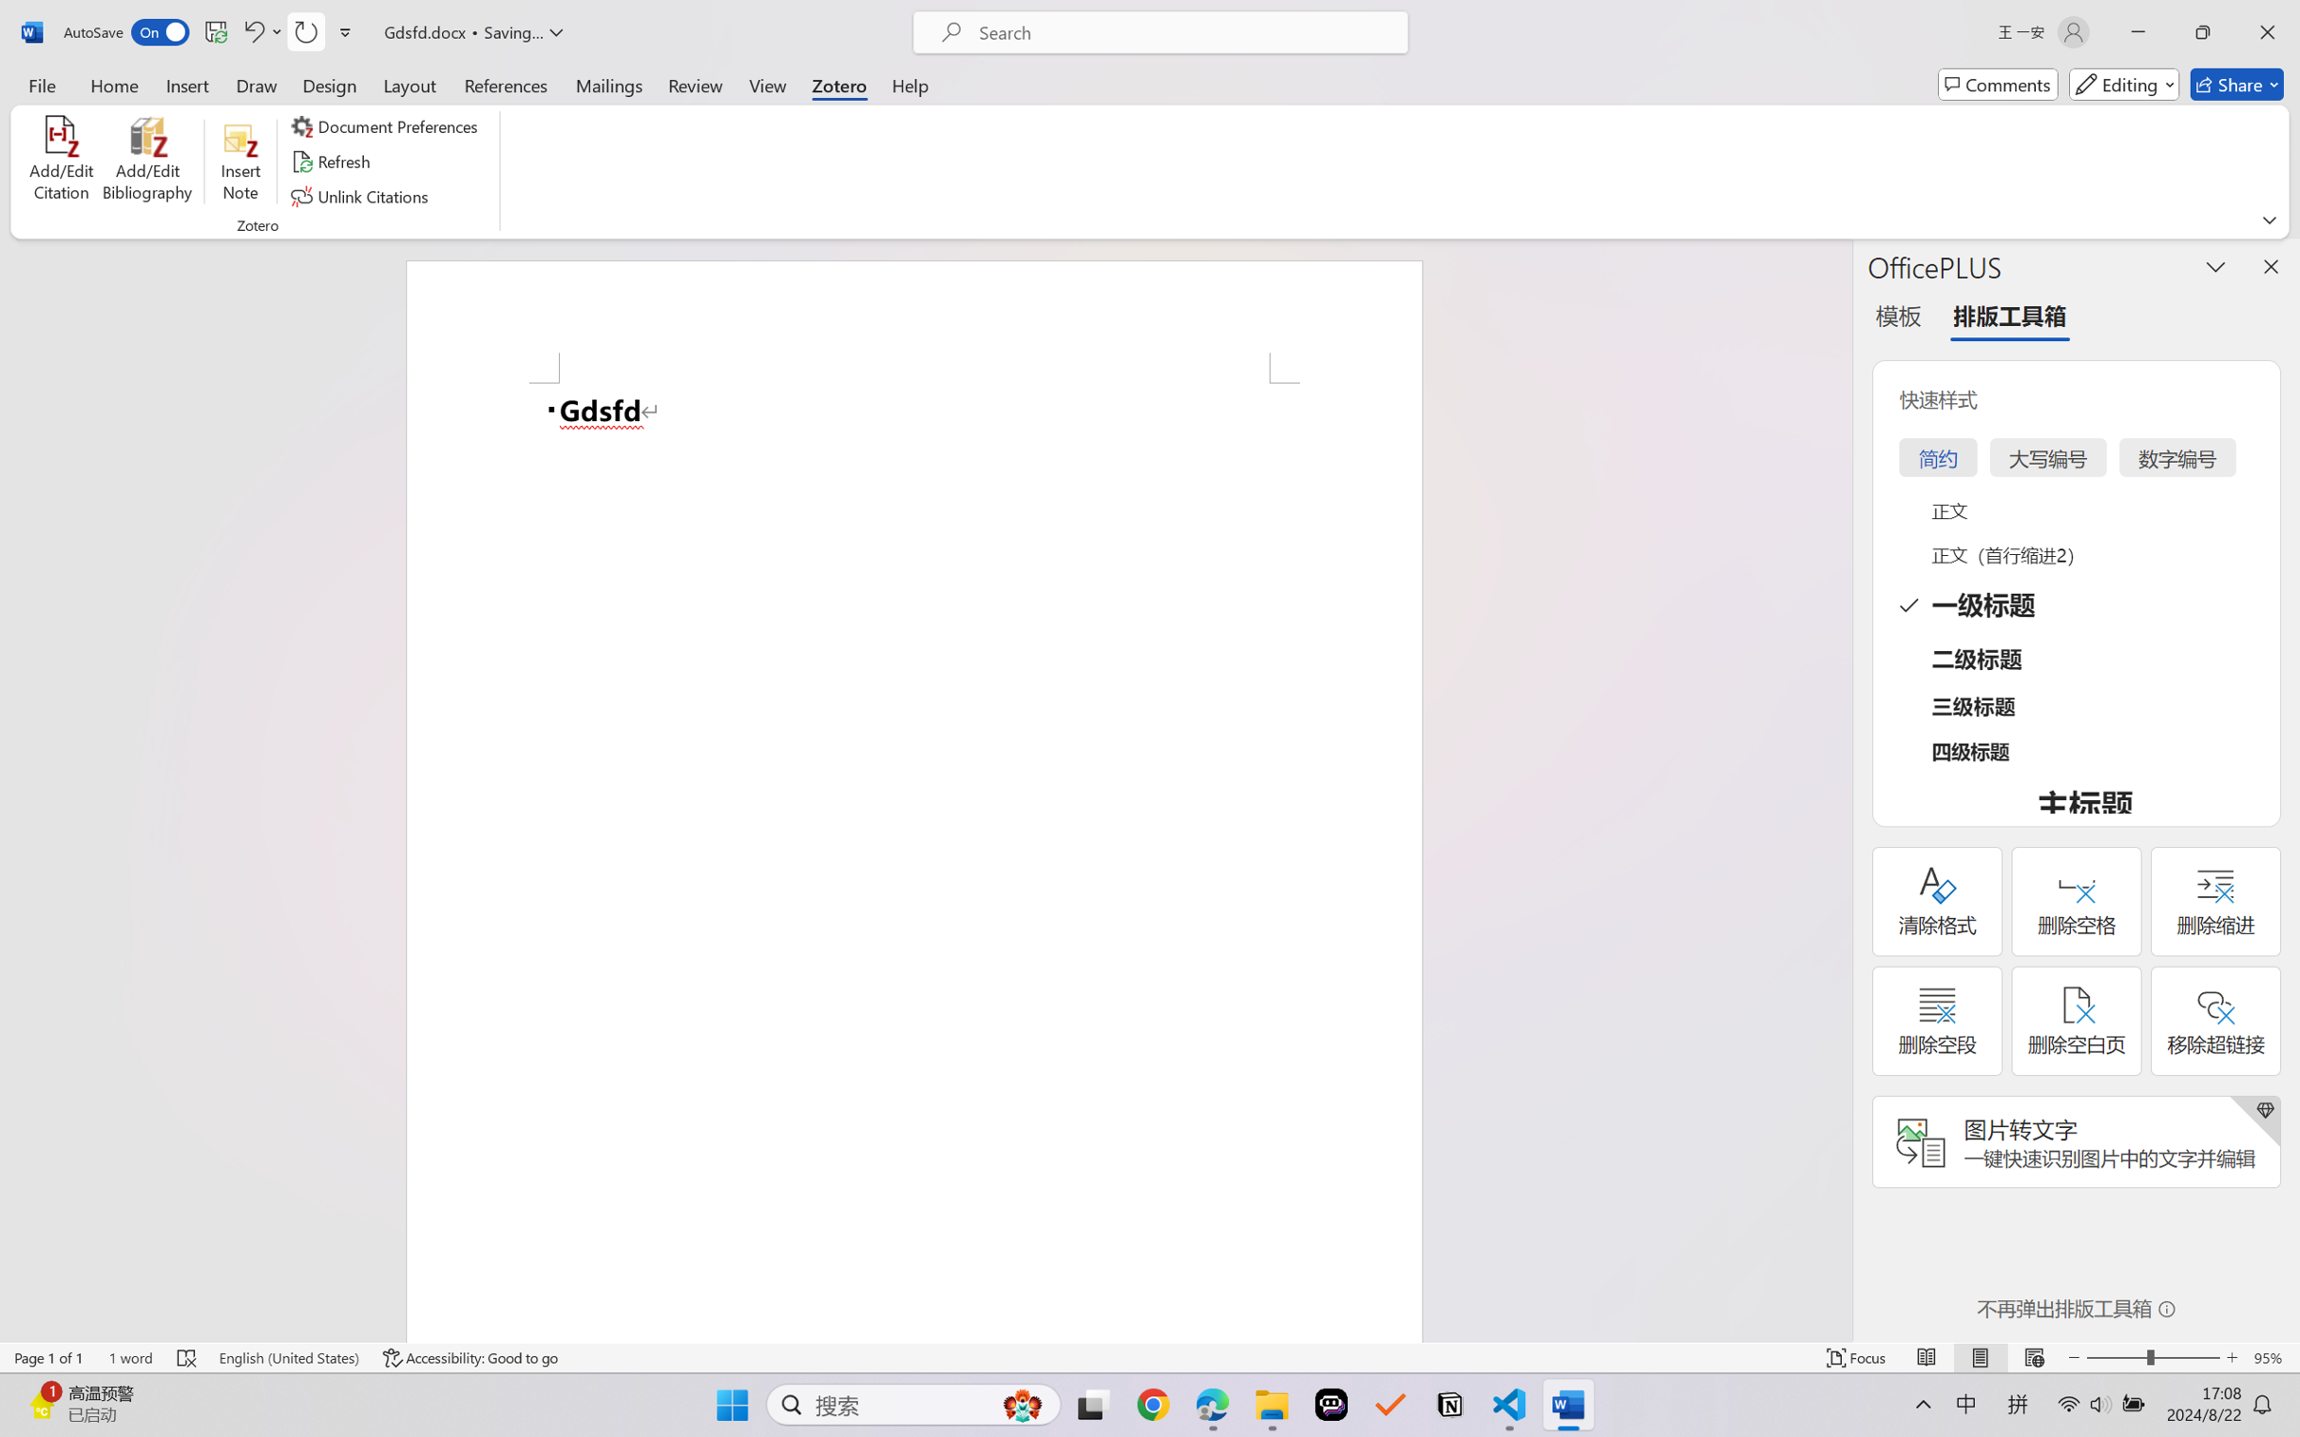  What do you see at coordinates (333, 162) in the screenshot?
I see `'Refresh'` at bounding box center [333, 162].